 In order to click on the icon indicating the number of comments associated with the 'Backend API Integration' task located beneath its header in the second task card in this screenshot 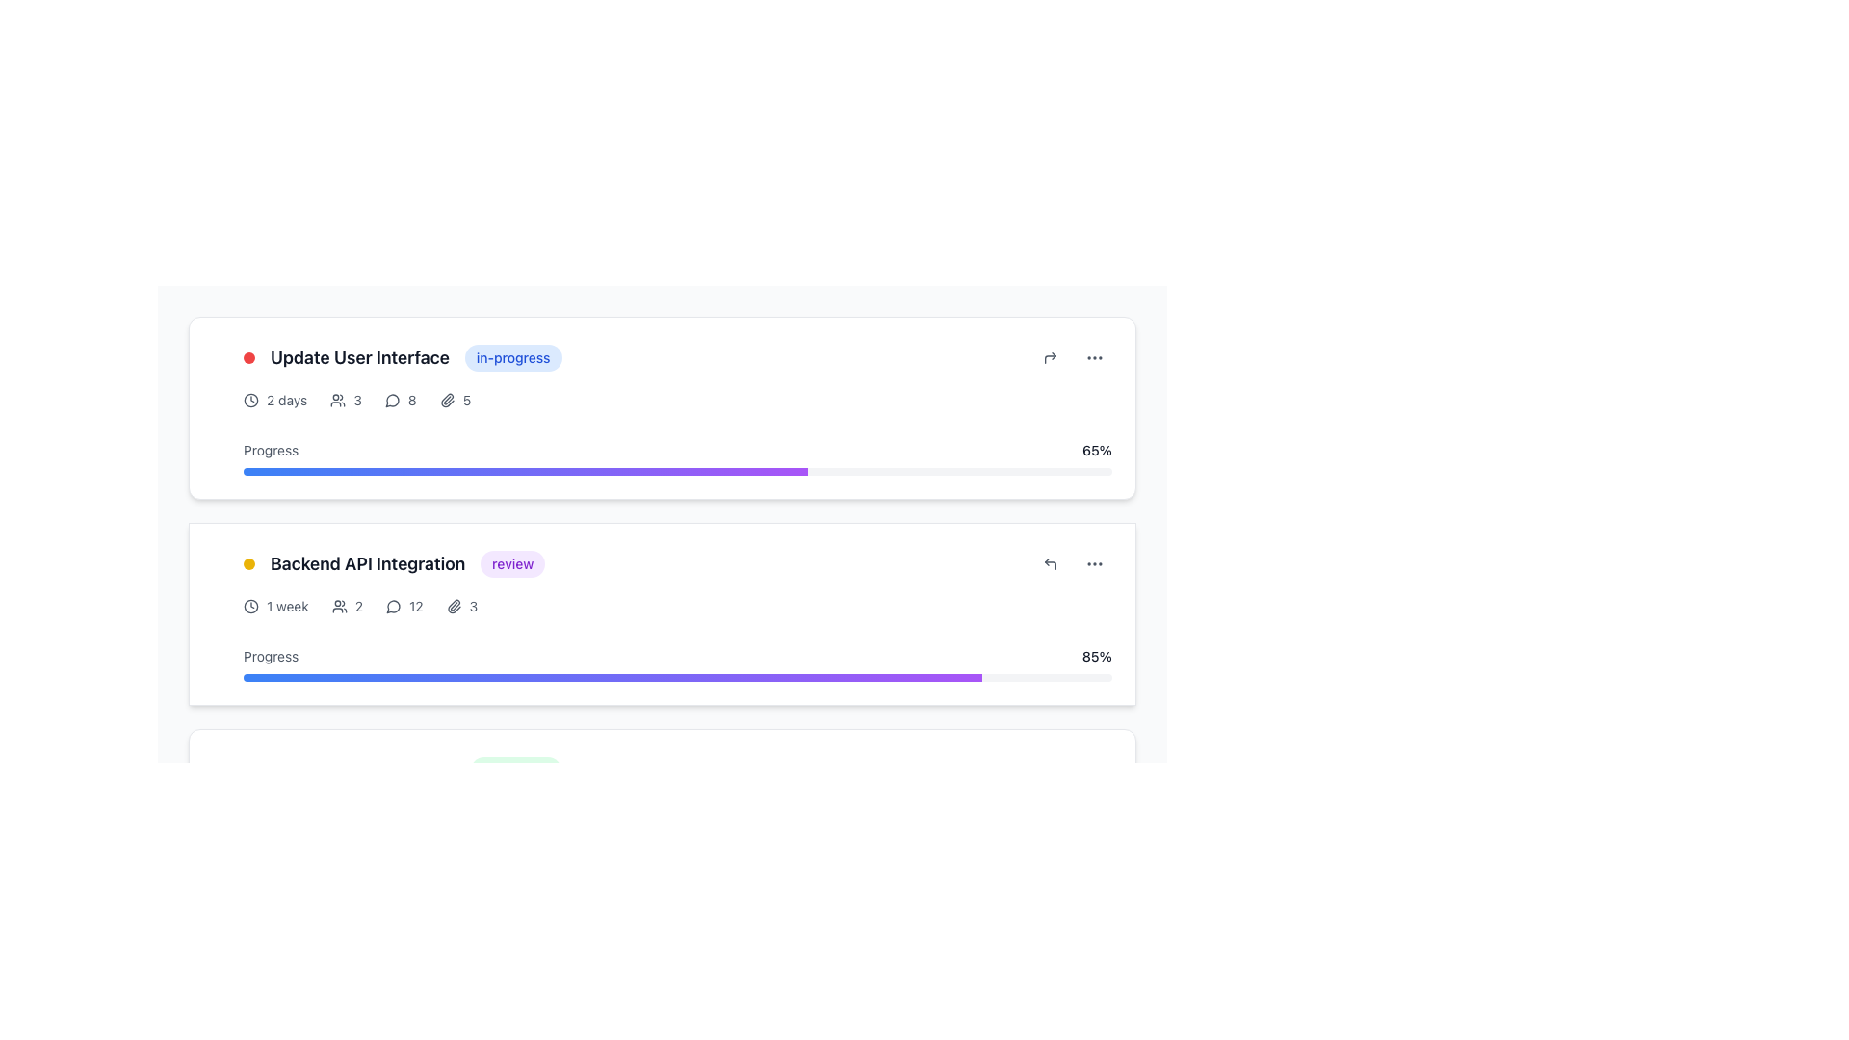, I will do `click(404, 605)`.